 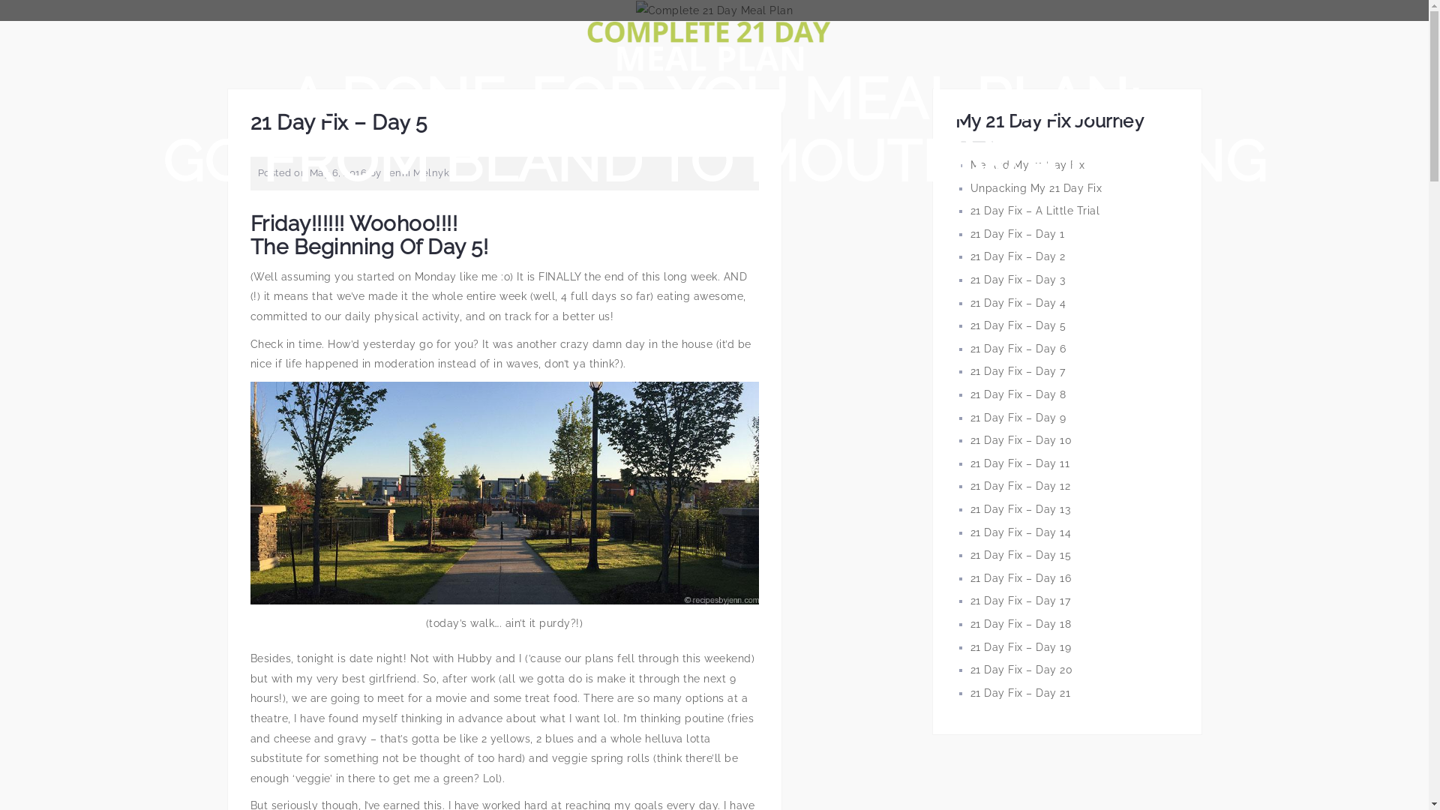 What do you see at coordinates (586, 40) in the screenshot?
I see `'Complete 21 Day Meal Plan'` at bounding box center [586, 40].